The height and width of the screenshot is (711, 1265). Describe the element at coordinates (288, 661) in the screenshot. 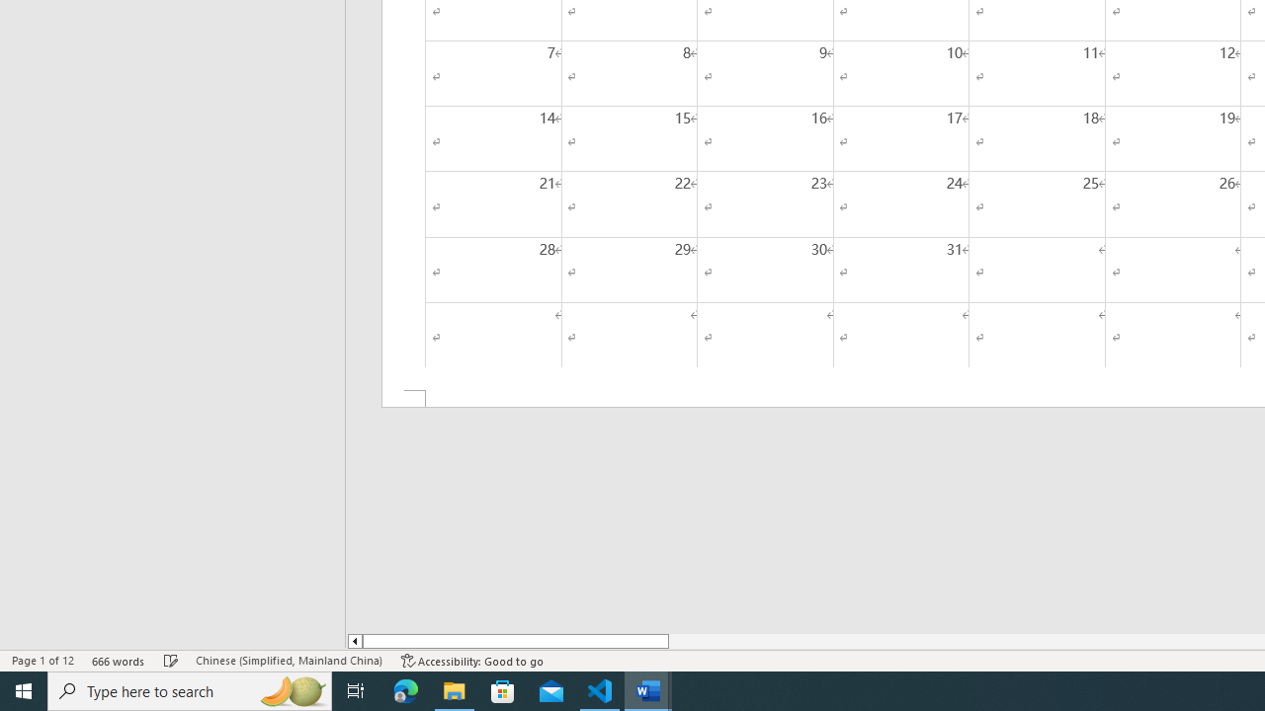

I see `'Language Chinese (Simplified, Mainland China)'` at that location.